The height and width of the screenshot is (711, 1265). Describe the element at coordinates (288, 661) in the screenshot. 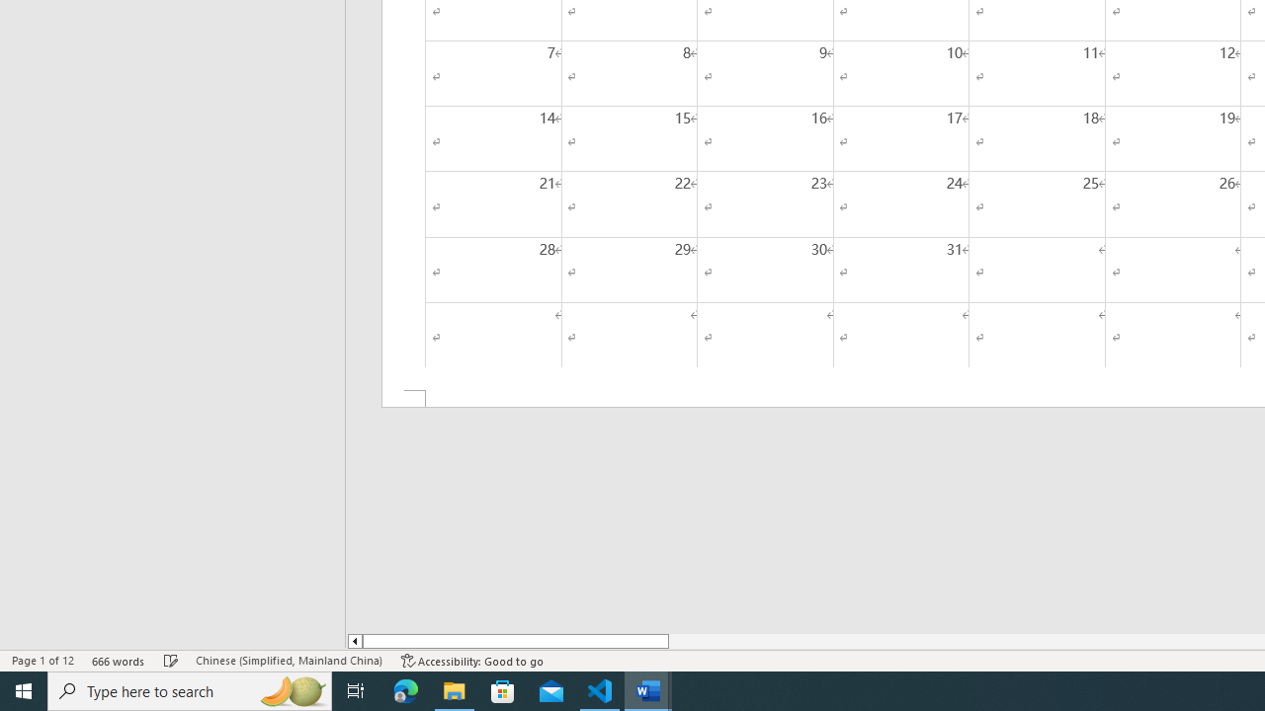

I see `'Language Chinese (Simplified, Mainland China)'` at that location.